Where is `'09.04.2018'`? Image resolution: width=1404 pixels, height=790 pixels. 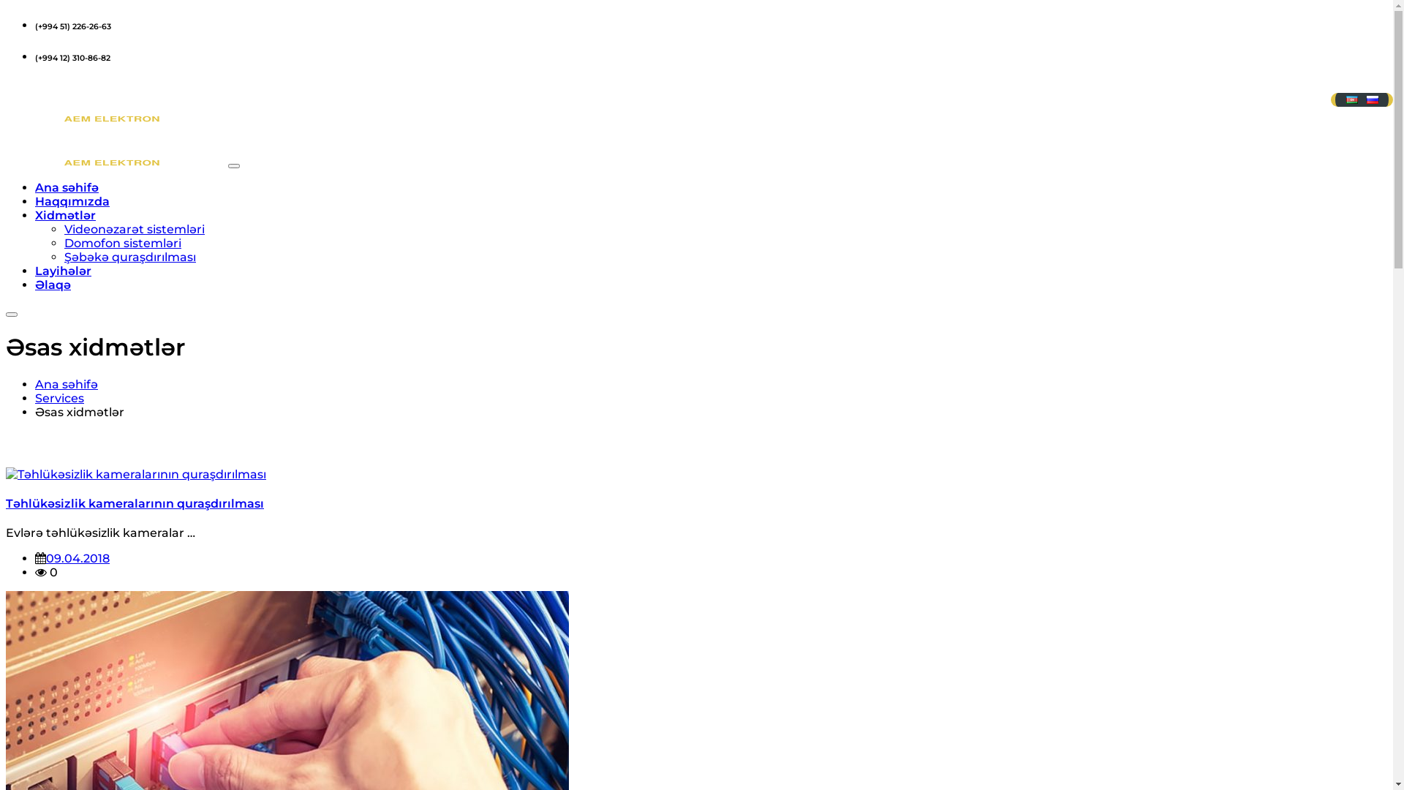
'09.04.2018' is located at coordinates (77, 558).